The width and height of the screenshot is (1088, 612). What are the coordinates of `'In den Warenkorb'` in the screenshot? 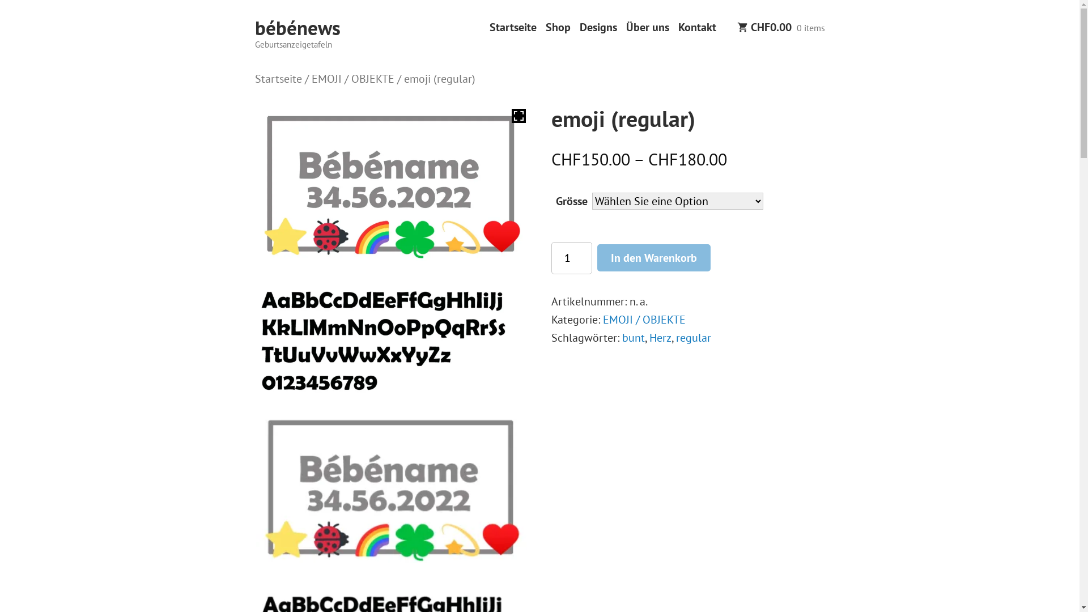 It's located at (597, 257).